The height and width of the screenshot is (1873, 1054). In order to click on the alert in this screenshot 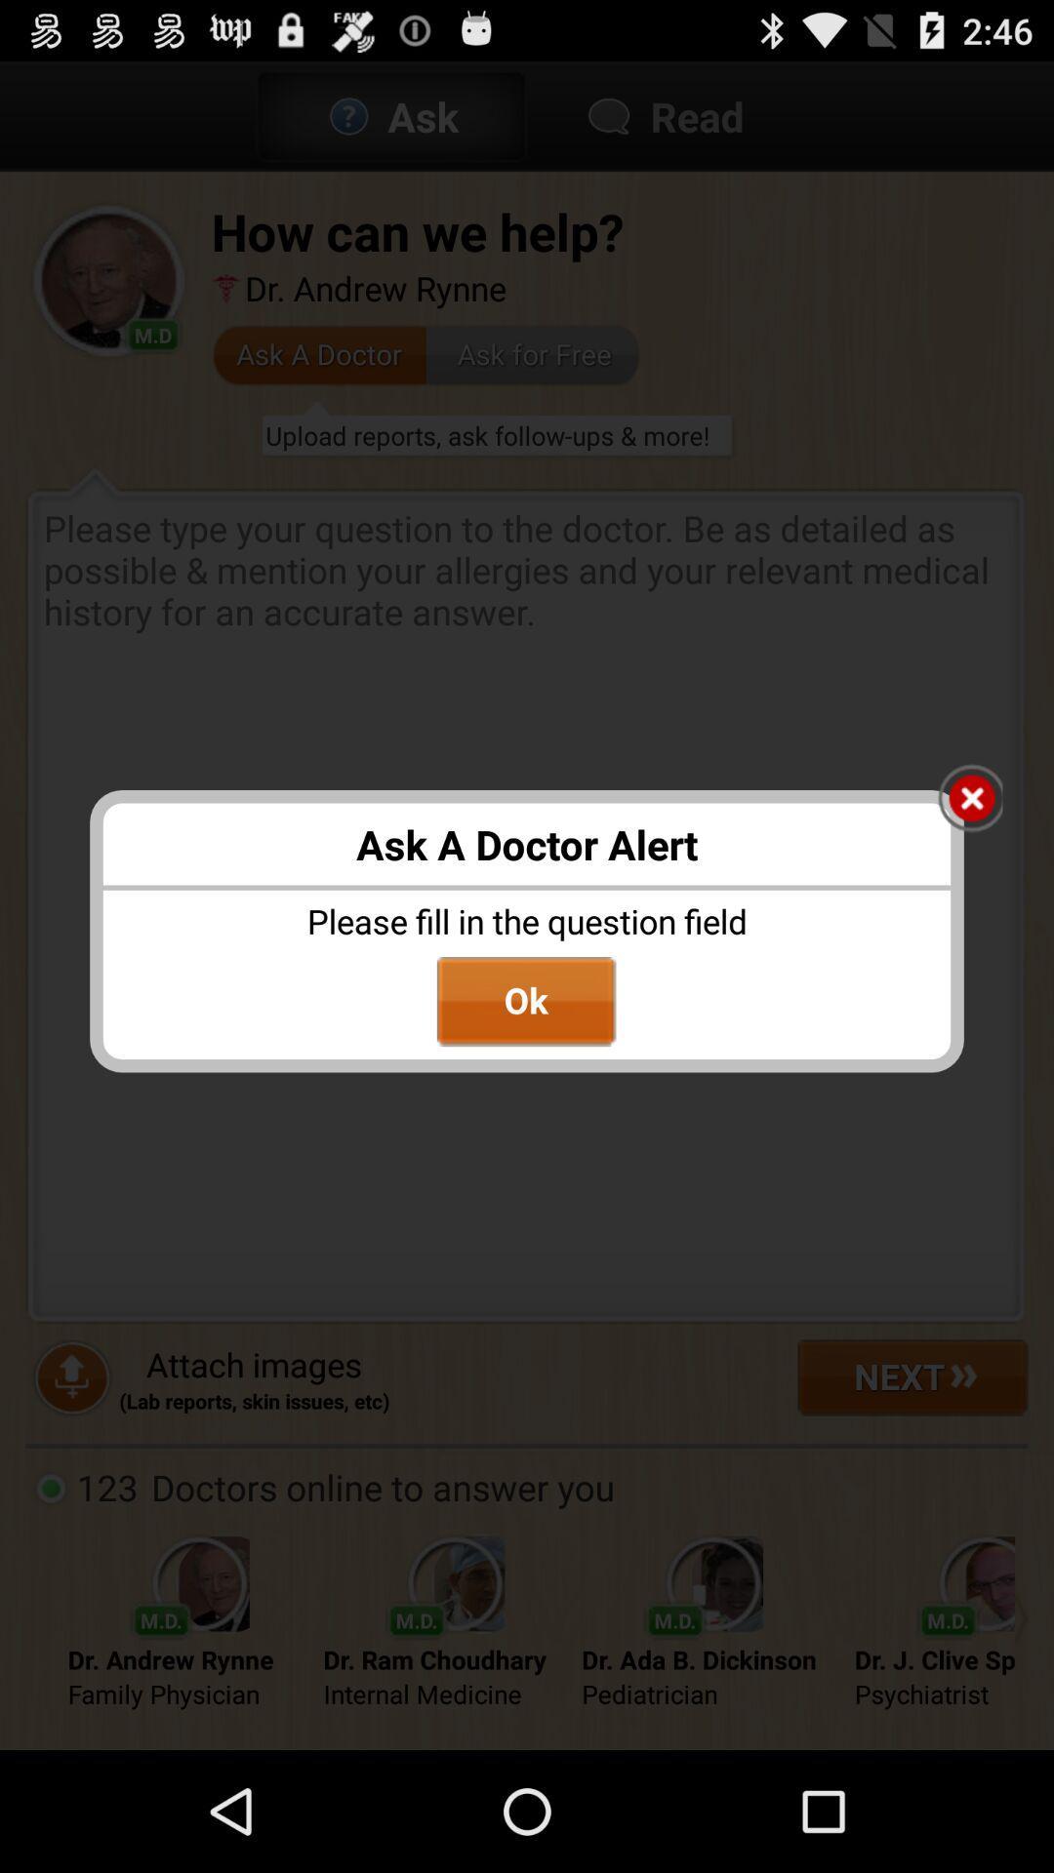, I will do `click(970, 800)`.